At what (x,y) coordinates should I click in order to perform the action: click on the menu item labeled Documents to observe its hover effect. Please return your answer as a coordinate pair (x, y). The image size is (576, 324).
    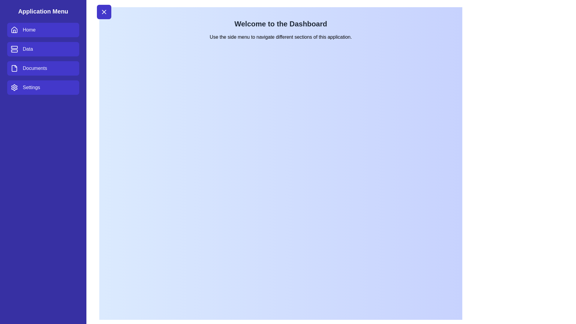
    Looking at the image, I should click on (43, 68).